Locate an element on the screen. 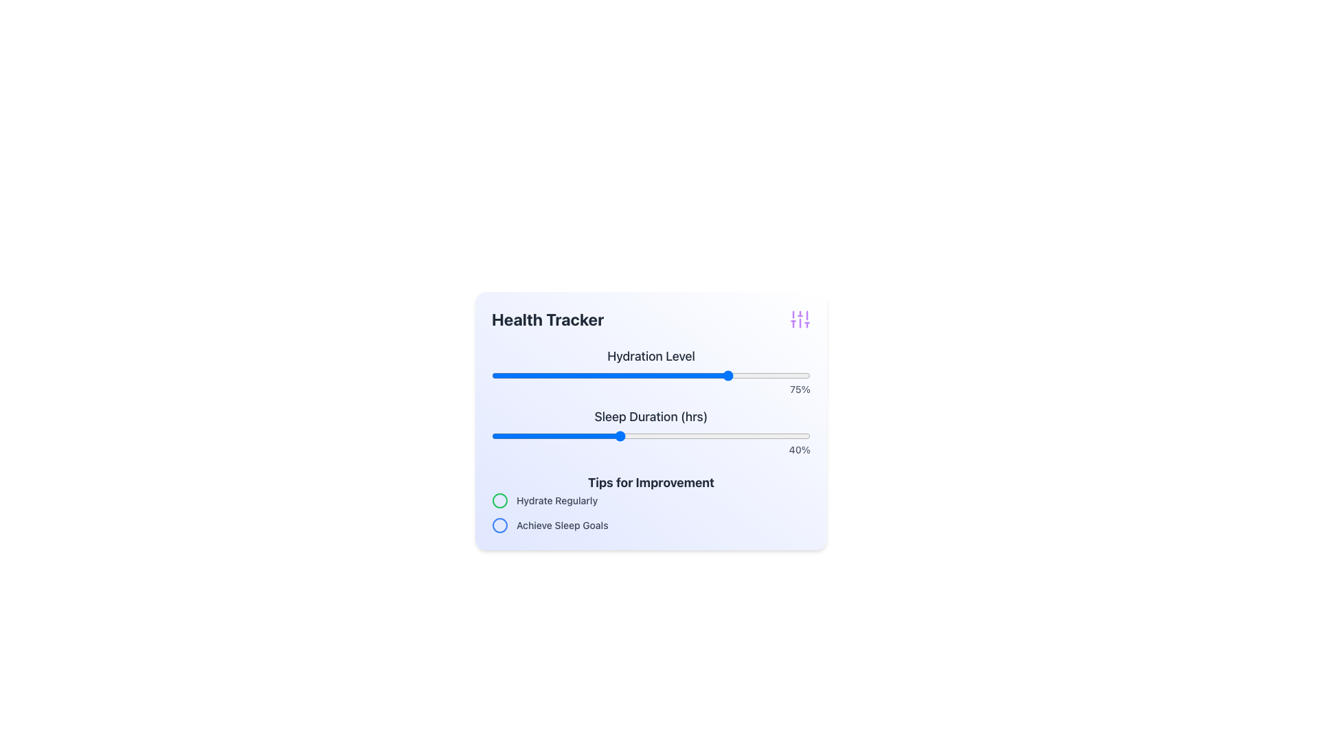 Image resolution: width=1319 pixels, height=742 pixels. the associated icon of the List item featuring the text 'Achieve Sleep Goals' located in the 'Tips for Improvement' section is located at coordinates (651, 525).